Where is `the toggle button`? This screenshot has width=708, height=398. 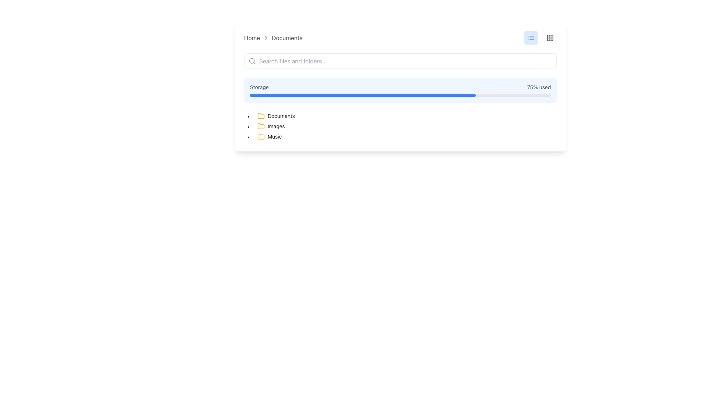
the toggle button is located at coordinates (550, 38).